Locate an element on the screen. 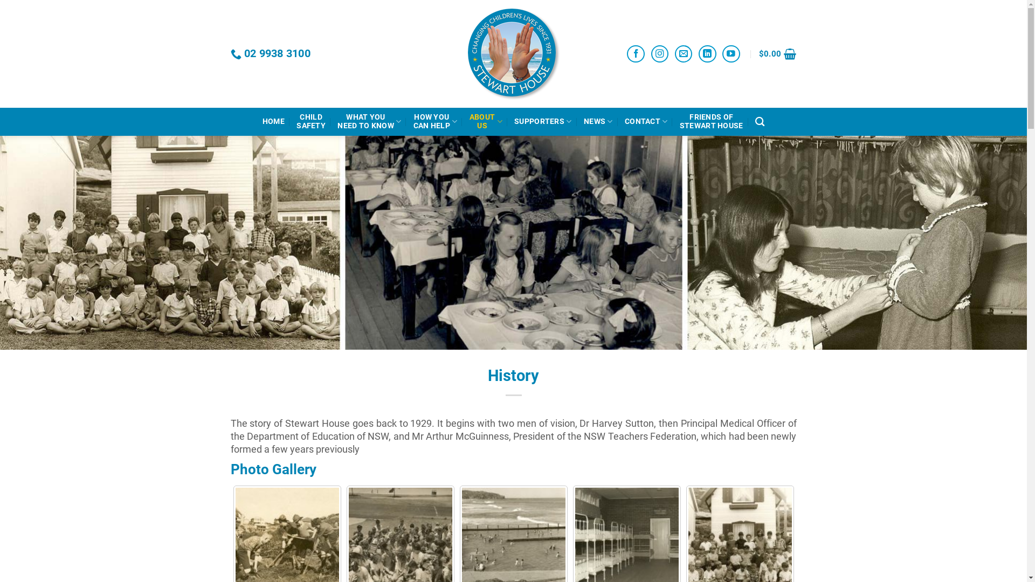  'Send us an email' is located at coordinates (683, 54).